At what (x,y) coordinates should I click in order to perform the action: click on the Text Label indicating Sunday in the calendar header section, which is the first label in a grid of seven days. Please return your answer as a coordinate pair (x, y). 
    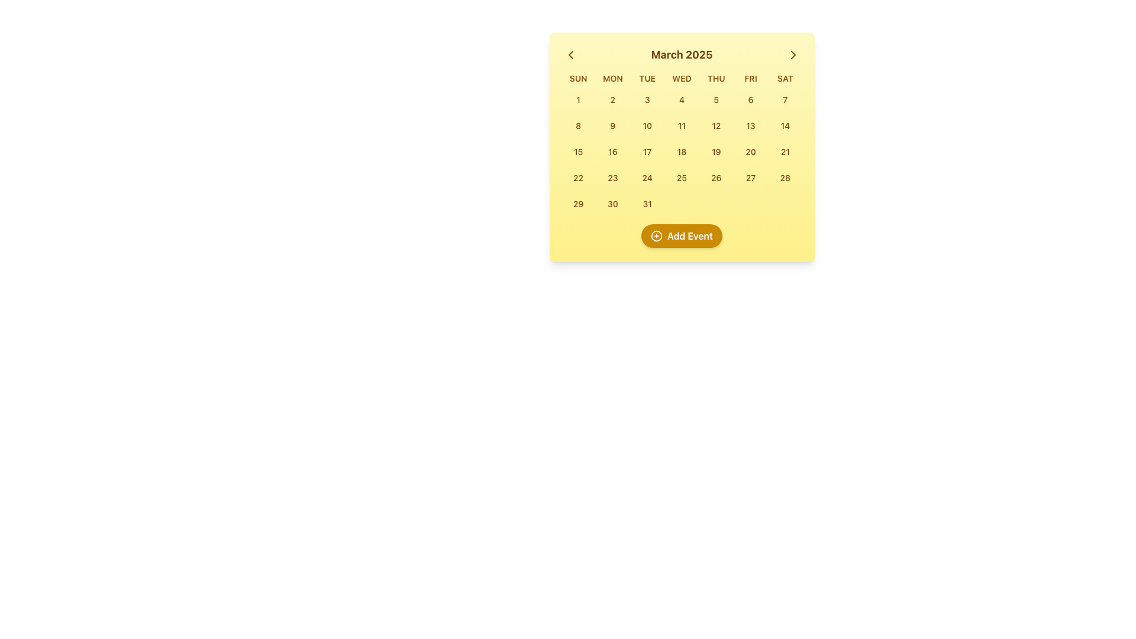
    Looking at the image, I should click on (578, 78).